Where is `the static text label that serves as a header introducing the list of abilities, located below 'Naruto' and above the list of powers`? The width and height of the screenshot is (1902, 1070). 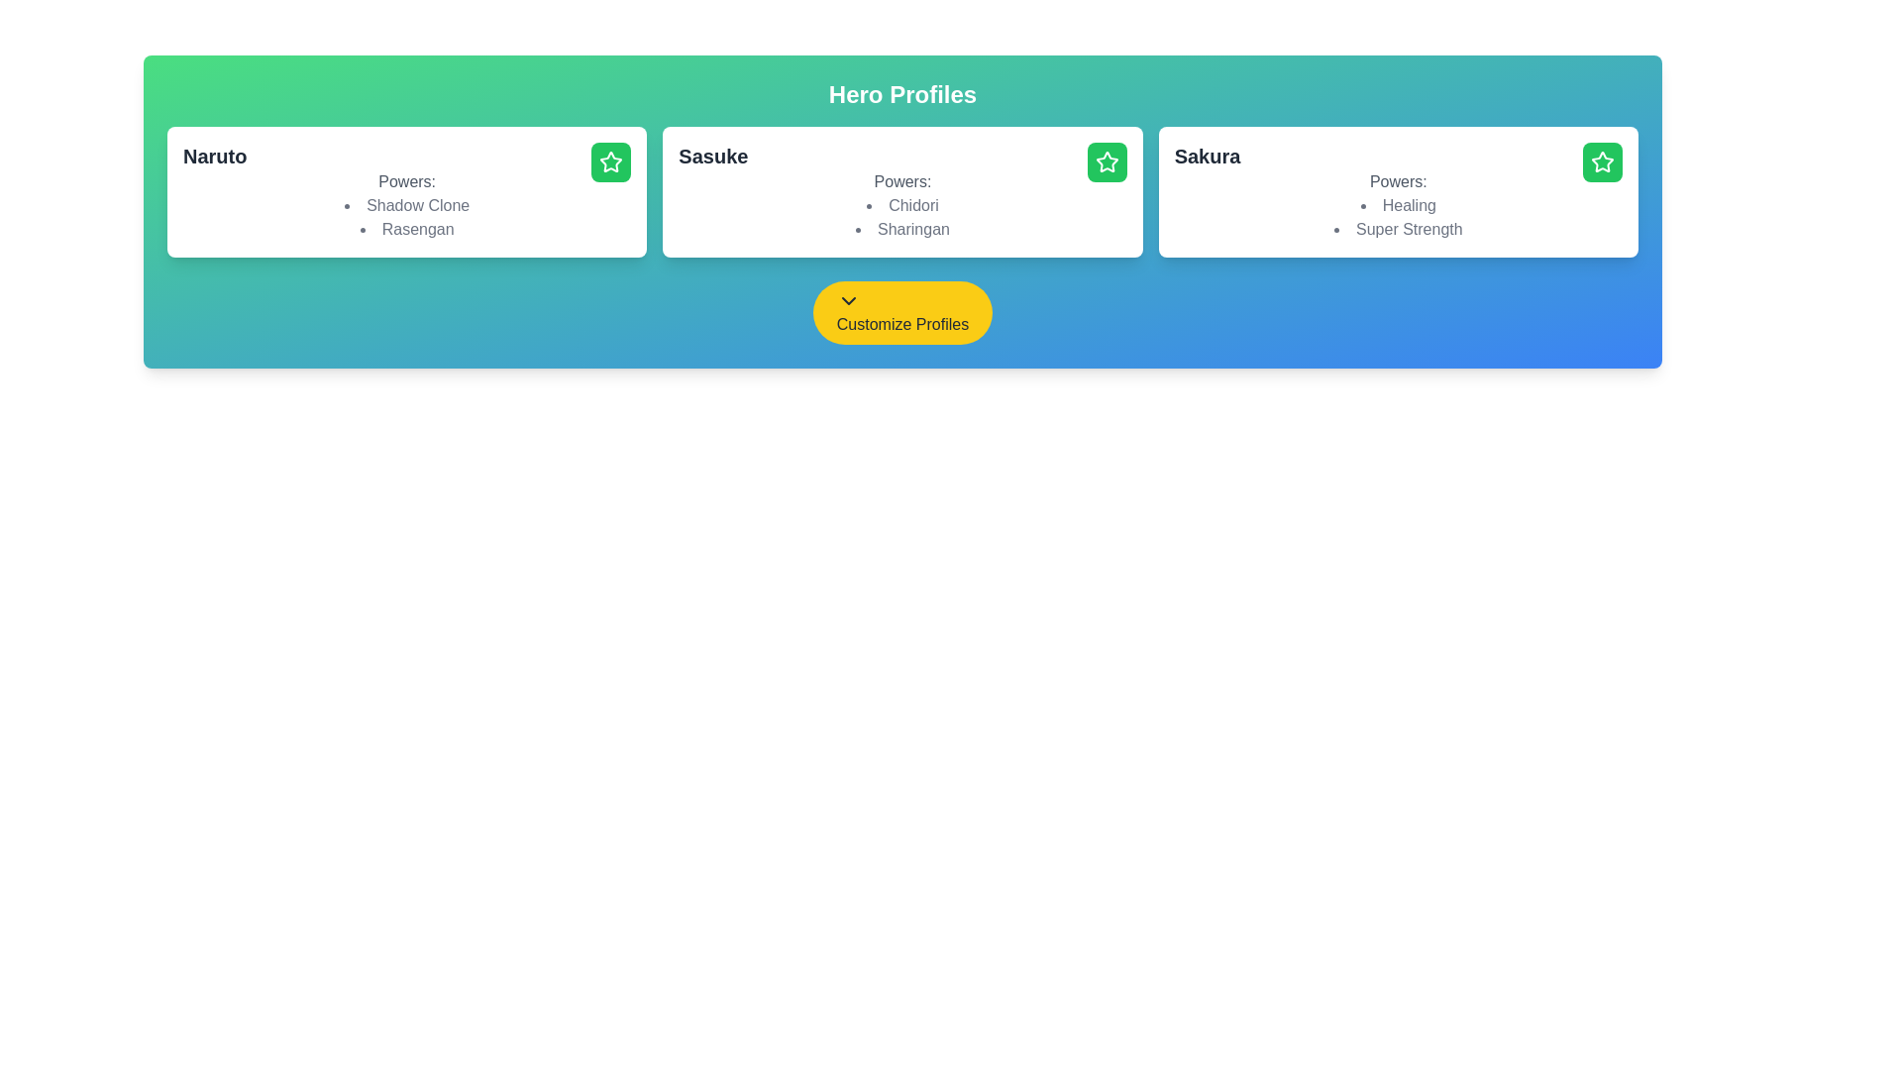
the static text label that serves as a header introducing the list of abilities, located below 'Naruto' and above the list of powers is located at coordinates (406, 182).